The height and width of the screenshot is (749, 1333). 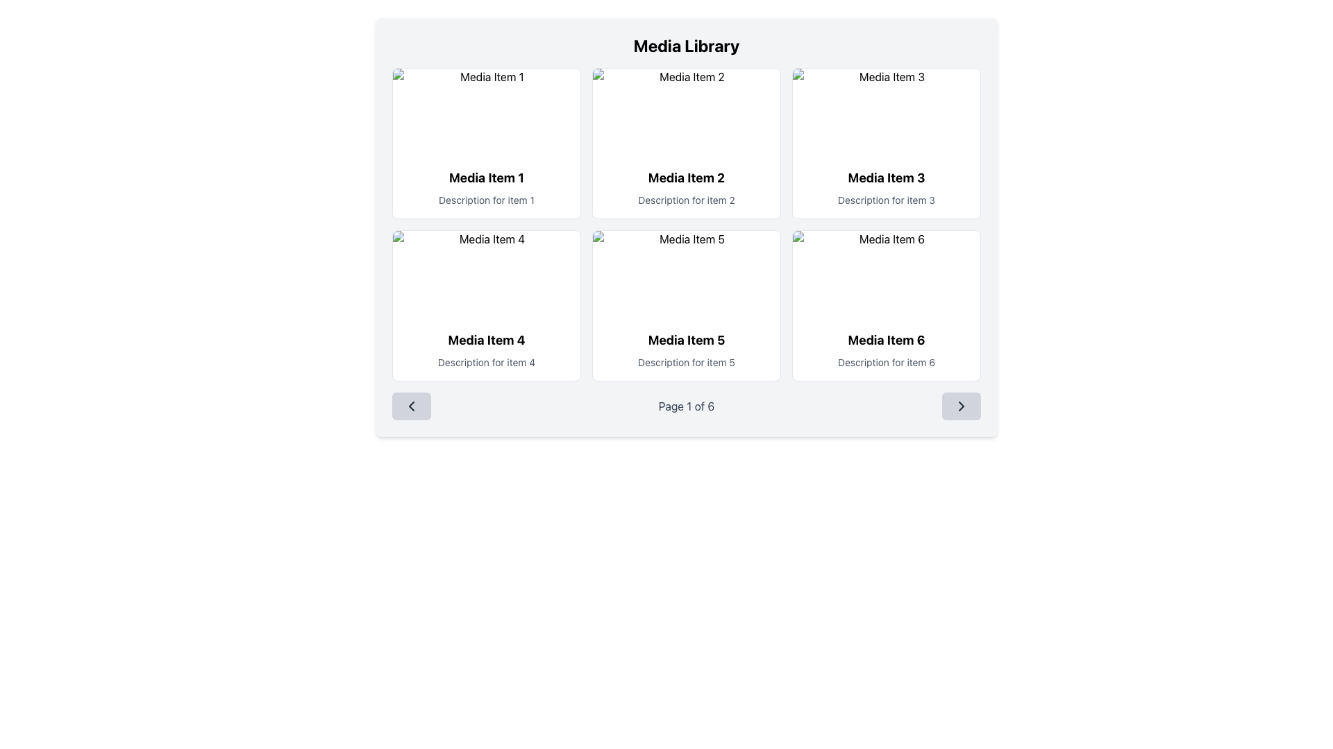 I want to click on the 'Next' icon located at the bottom right of the interface, which is part of a button for advancing pages in the media gallery, so click(x=961, y=406).